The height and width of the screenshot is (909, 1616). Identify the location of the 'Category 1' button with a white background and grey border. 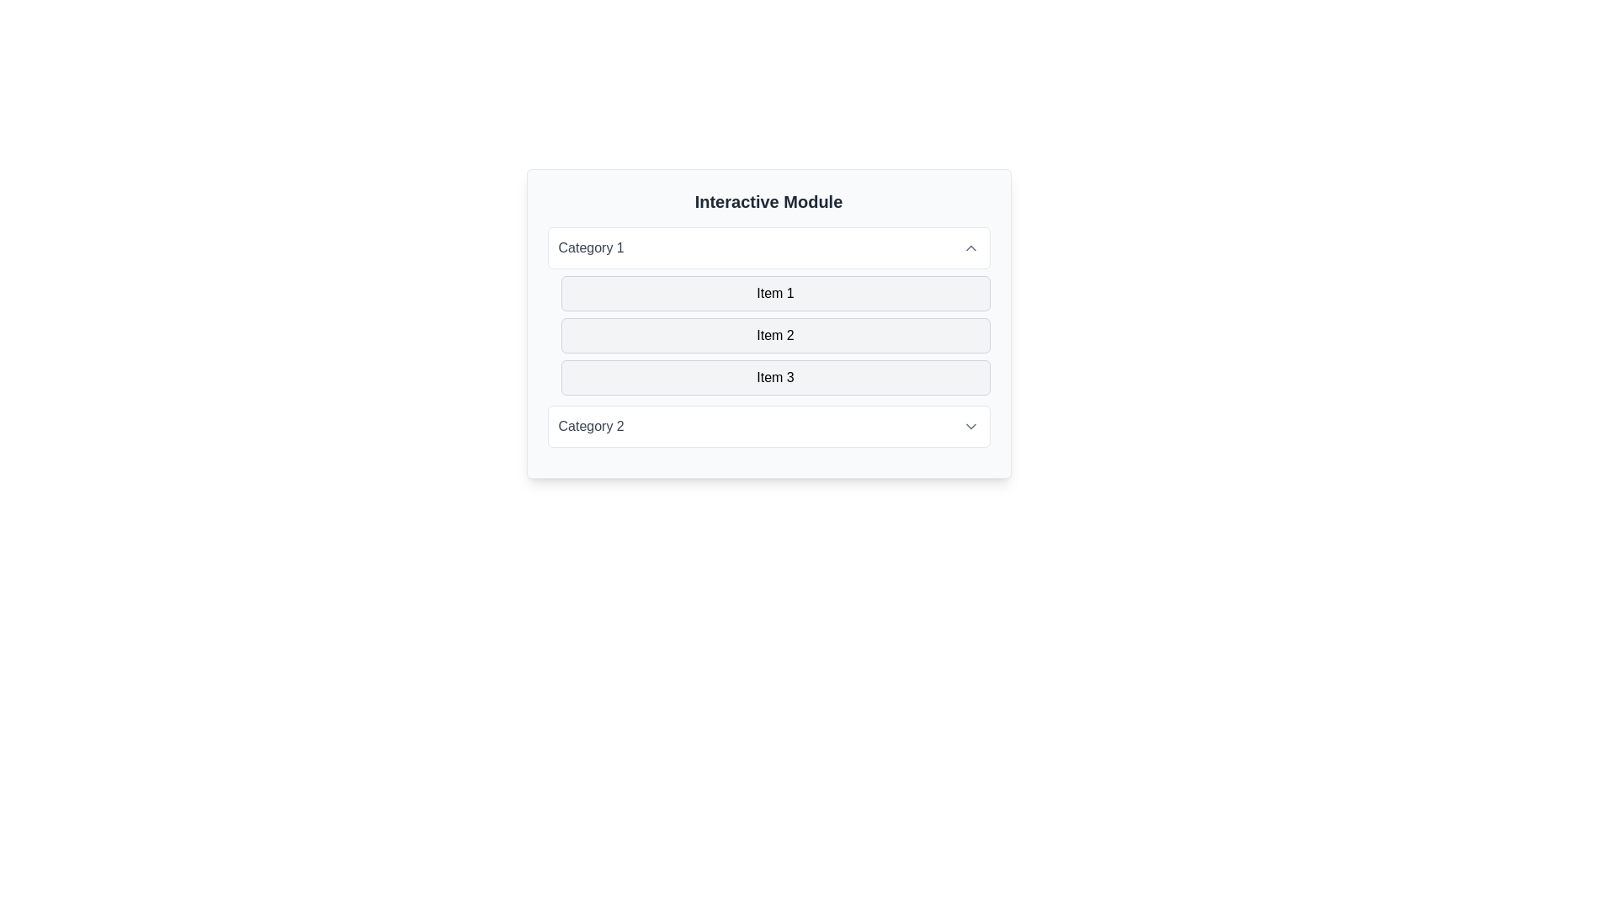
(768, 247).